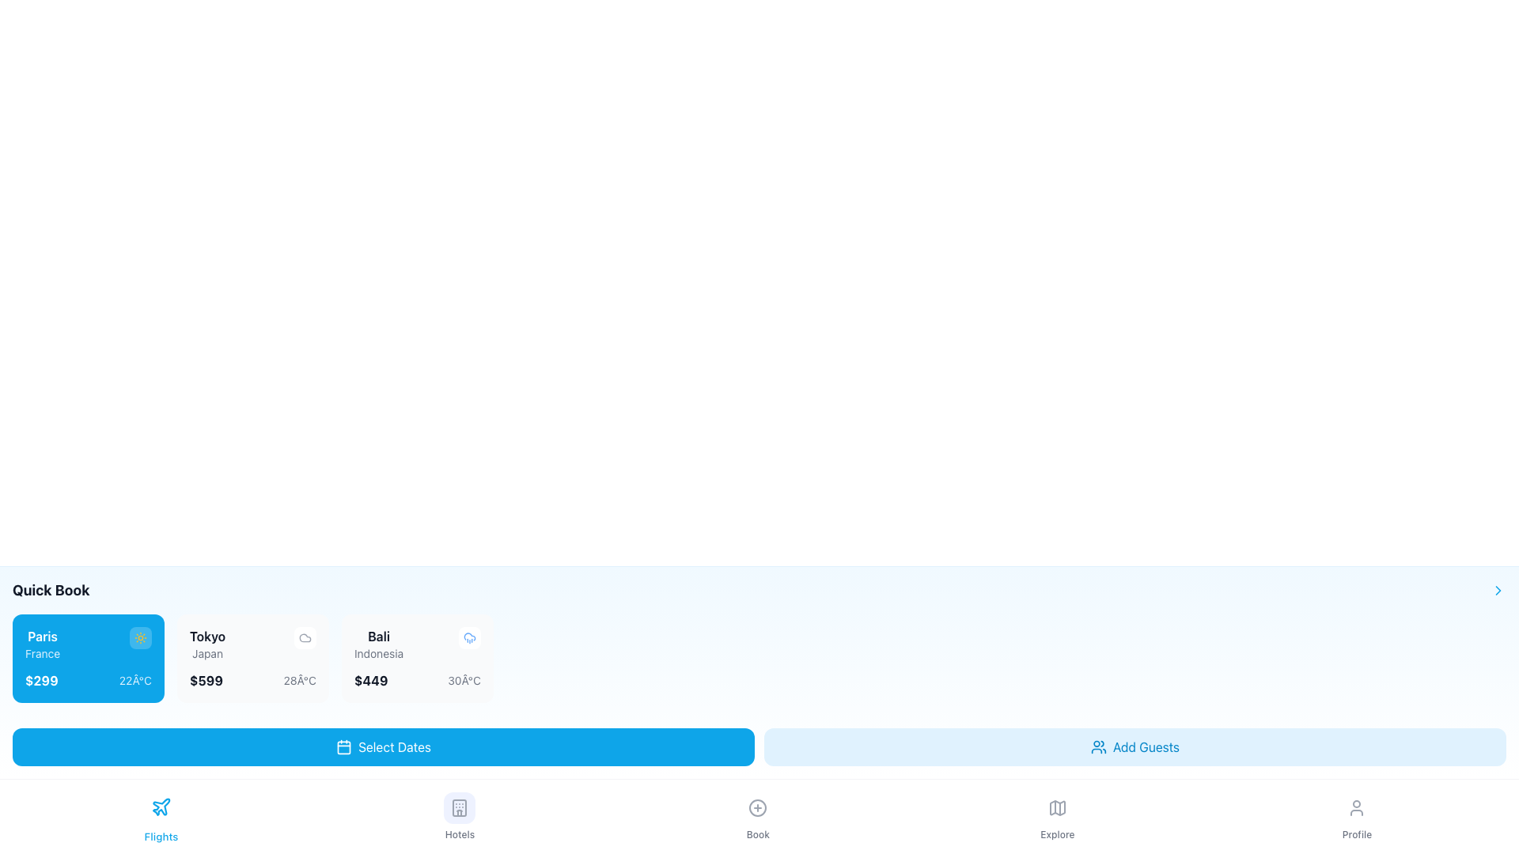 Image resolution: width=1519 pixels, height=854 pixels. I want to click on the text label displaying 'Indonesia', which is located directly below the text 'Bali' in a card-like layout of destination details, so click(378, 653).